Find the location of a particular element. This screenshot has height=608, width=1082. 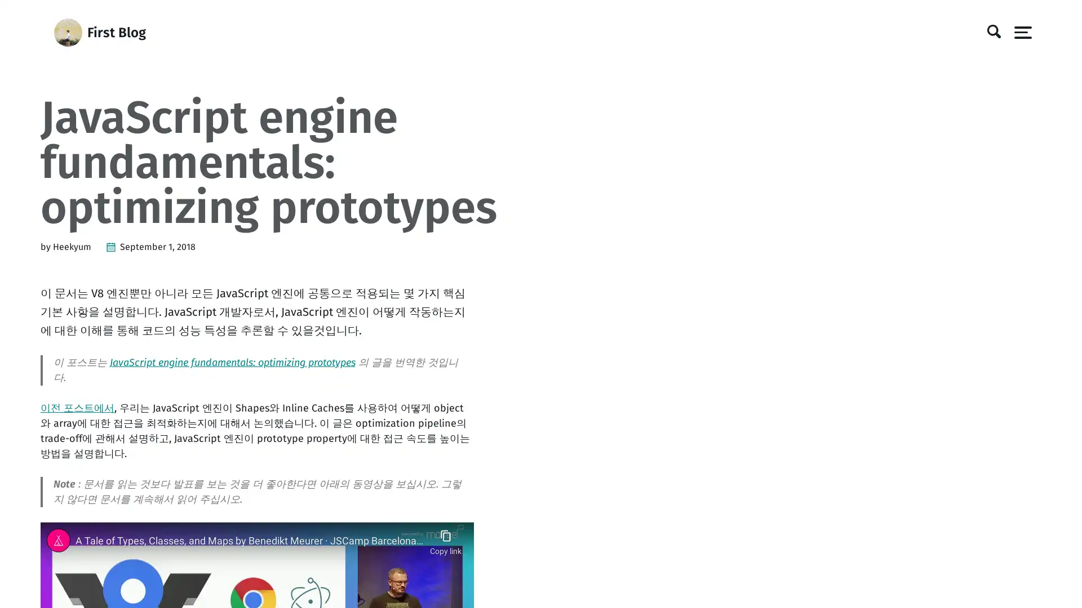

Menu is located at coordinates (1019, 32).